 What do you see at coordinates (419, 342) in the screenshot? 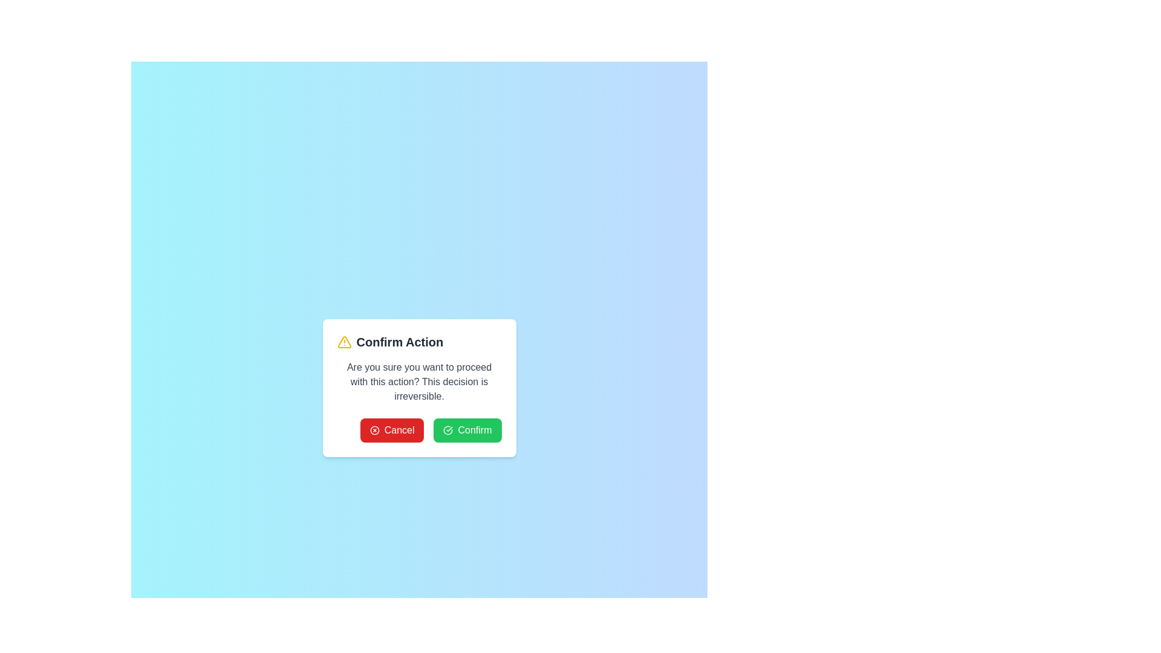
I see `the header element that combines a yellow warning icon with the text 'Confirm Action', located at the top section of a white dialog box with rounded corners` at bounding box center [419, 342].